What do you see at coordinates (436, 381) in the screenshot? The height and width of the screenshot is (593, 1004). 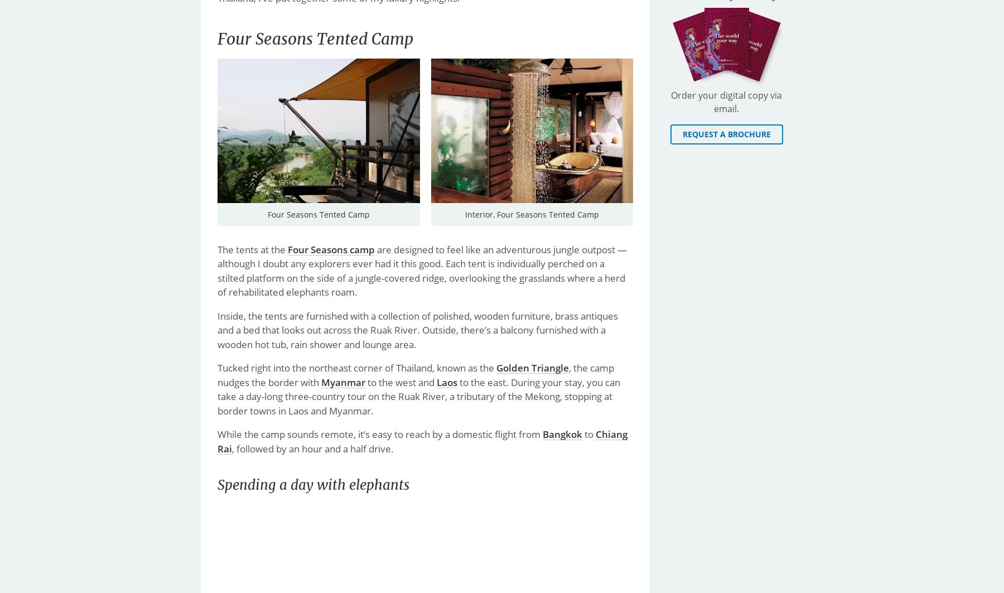 I see `'Laos'` at bounding box center [436, 381].